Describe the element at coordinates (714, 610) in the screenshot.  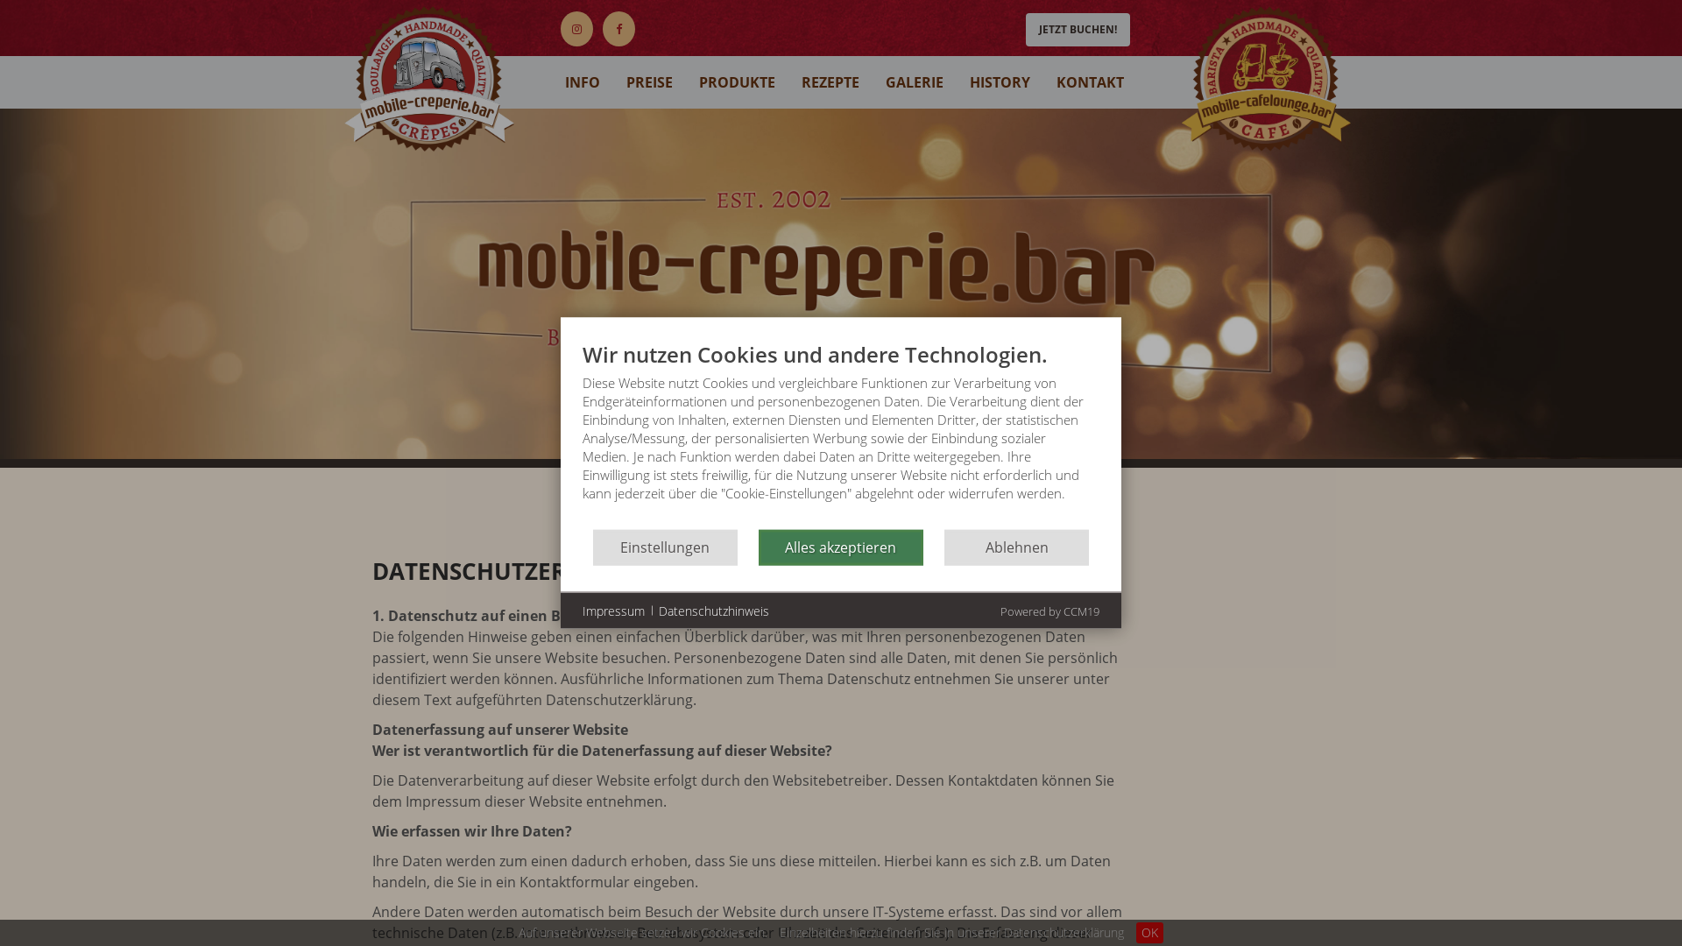
I see `'Datenschutzhinweis'` at that location.